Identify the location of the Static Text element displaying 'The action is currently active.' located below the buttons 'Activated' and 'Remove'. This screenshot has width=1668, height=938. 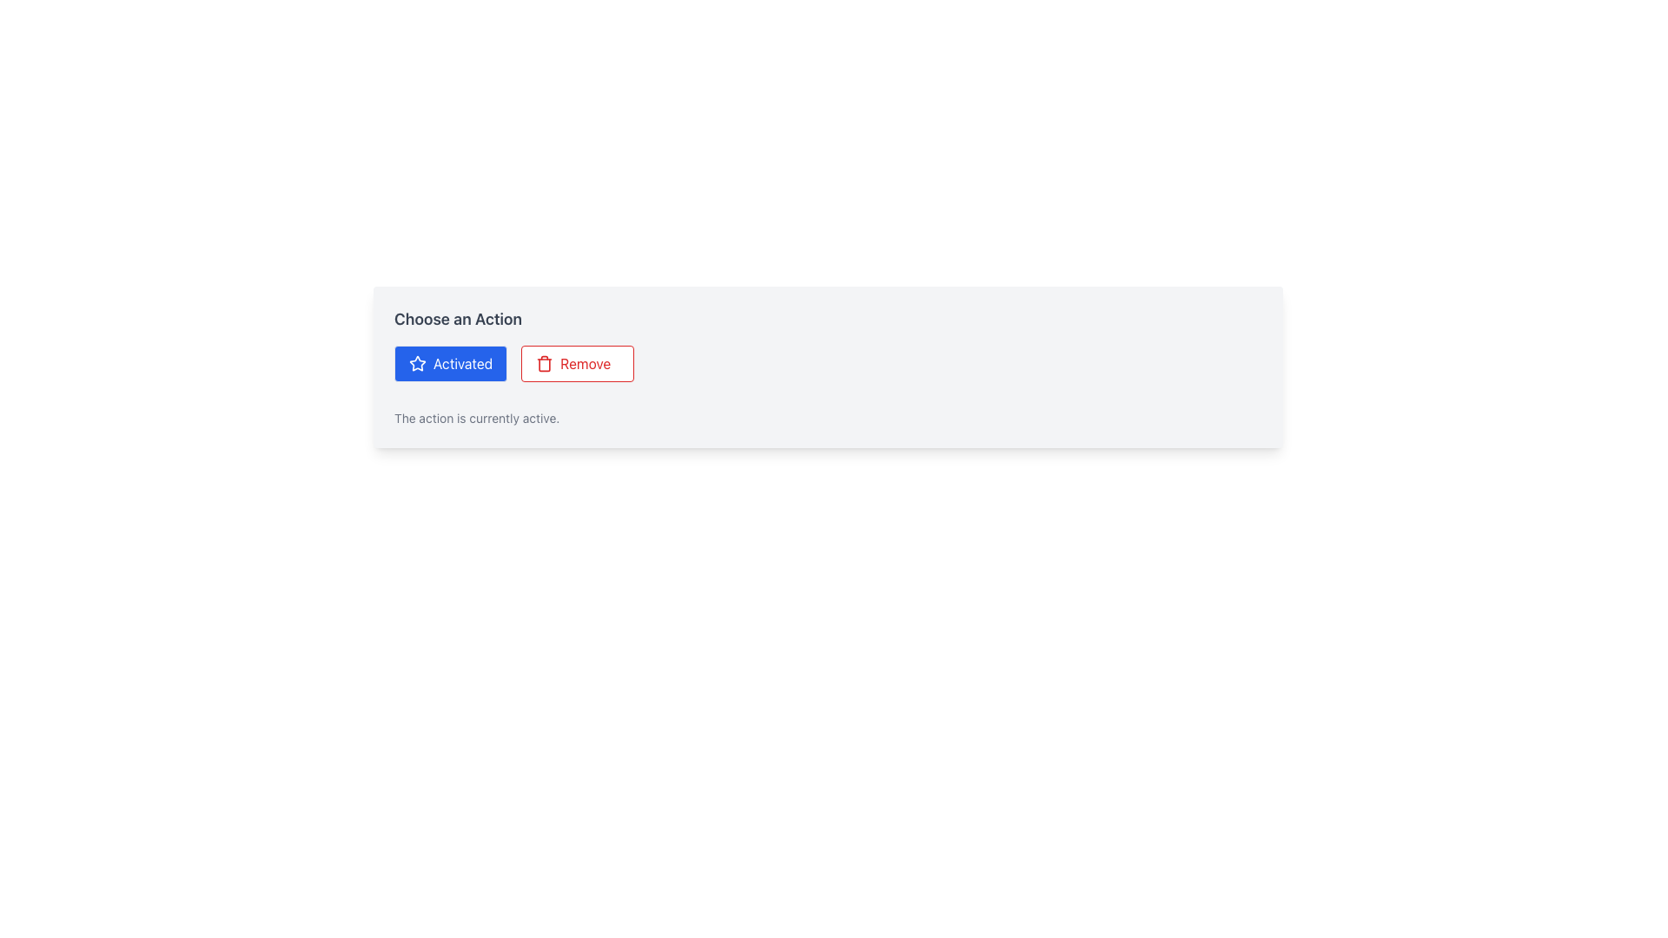
(477, 419).